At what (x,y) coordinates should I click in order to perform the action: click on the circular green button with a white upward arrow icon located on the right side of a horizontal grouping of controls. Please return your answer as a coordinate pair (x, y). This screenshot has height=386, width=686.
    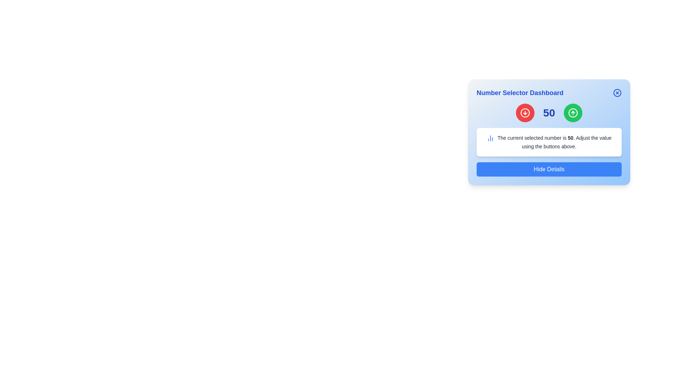
    Looking at the image, I should click on (573, 113).